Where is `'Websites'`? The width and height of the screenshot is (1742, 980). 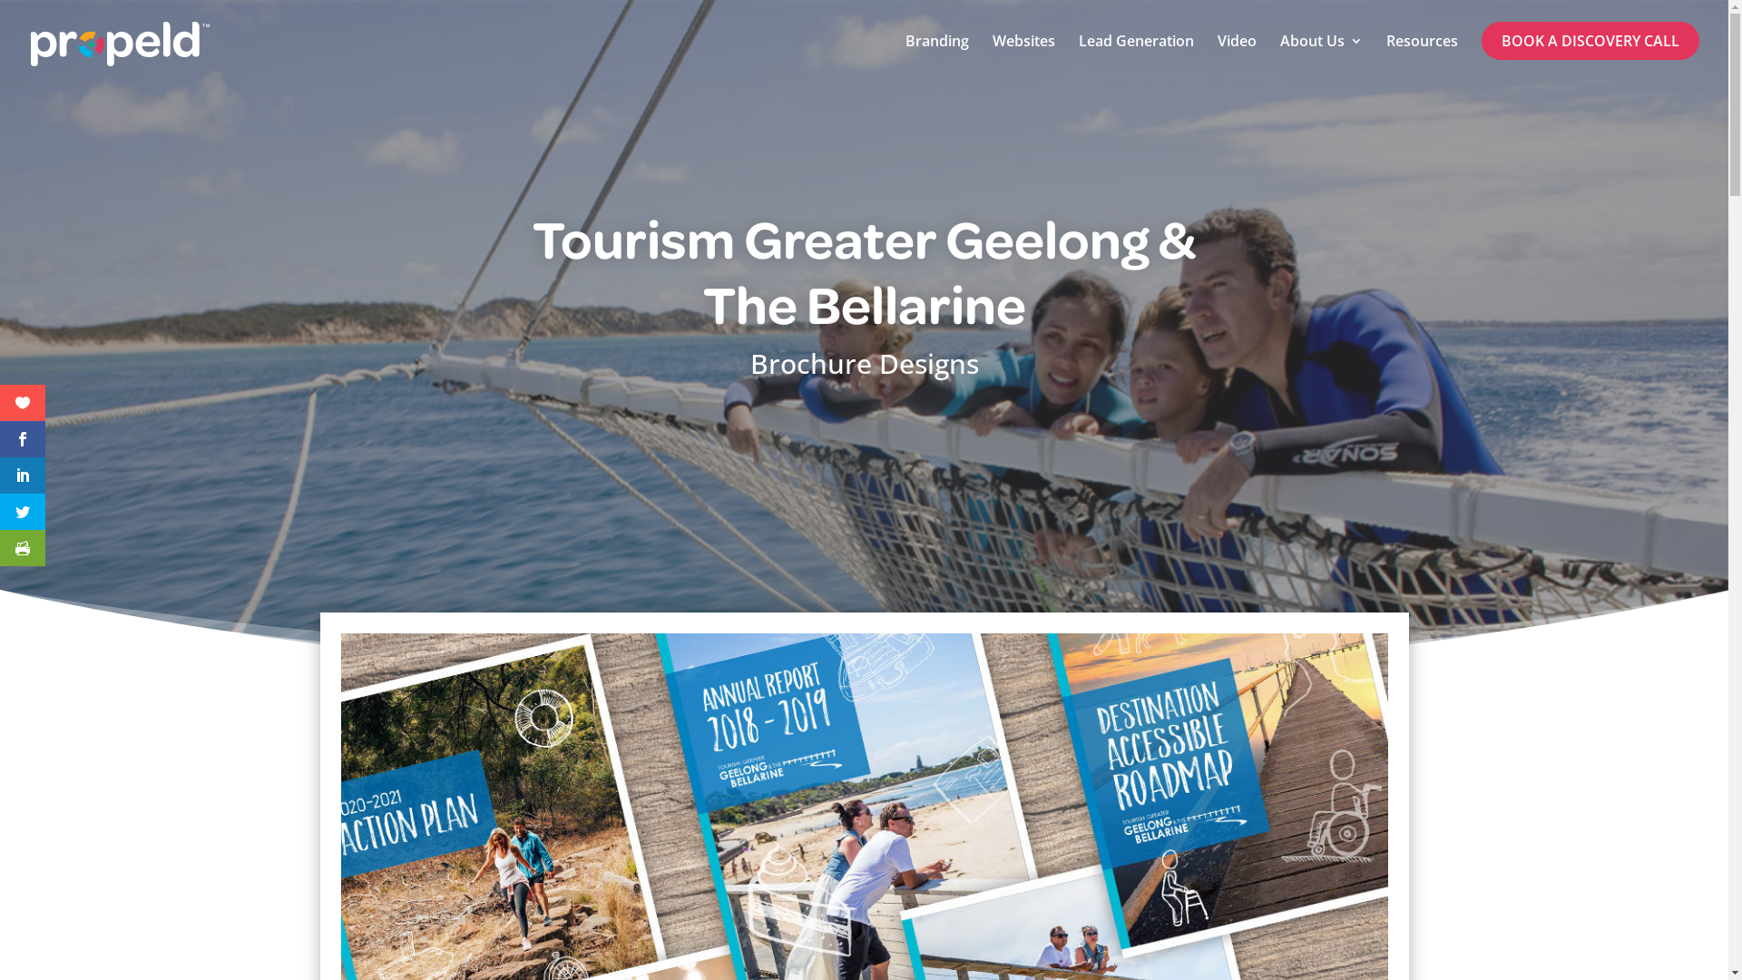
'Websites' is located at coordinates (992, 60).